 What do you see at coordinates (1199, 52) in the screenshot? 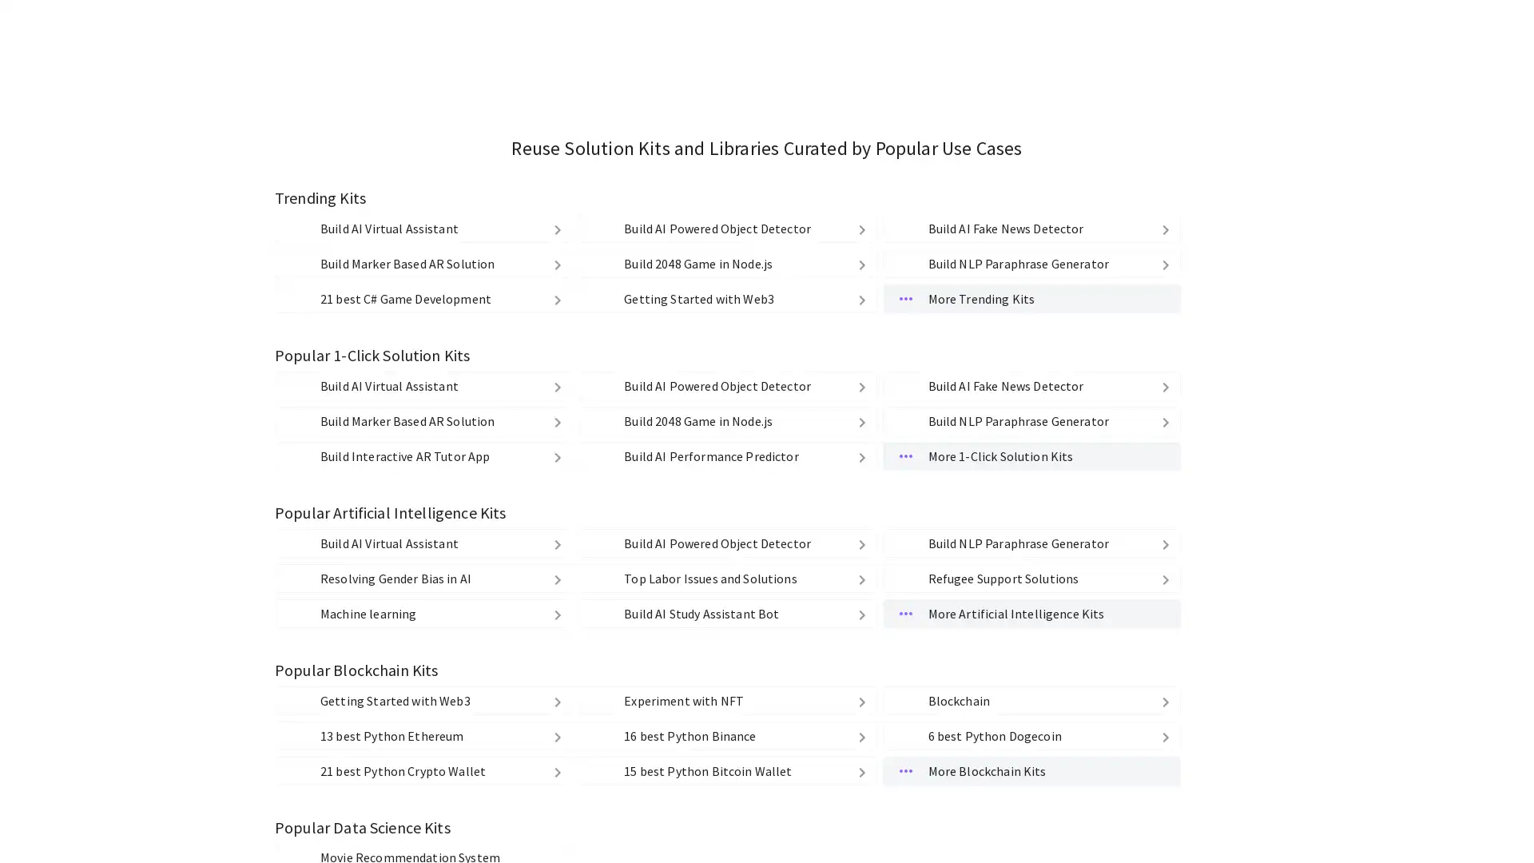
I see `Explore Kits` at bounding box center [1199, 52].